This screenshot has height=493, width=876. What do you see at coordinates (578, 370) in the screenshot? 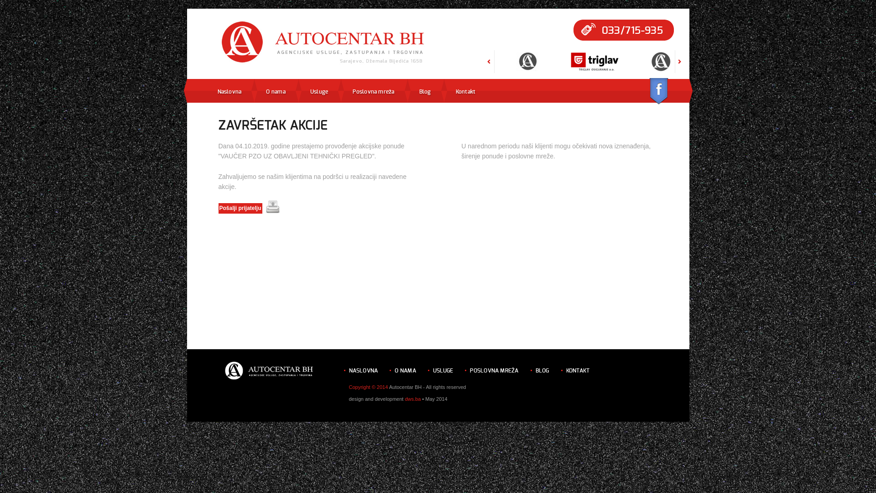
I see `'KONTAKT'` at bounding box center [578, 370].